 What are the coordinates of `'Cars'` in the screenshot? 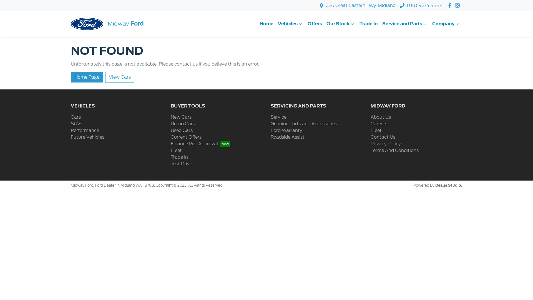 It's located at (76, 117).